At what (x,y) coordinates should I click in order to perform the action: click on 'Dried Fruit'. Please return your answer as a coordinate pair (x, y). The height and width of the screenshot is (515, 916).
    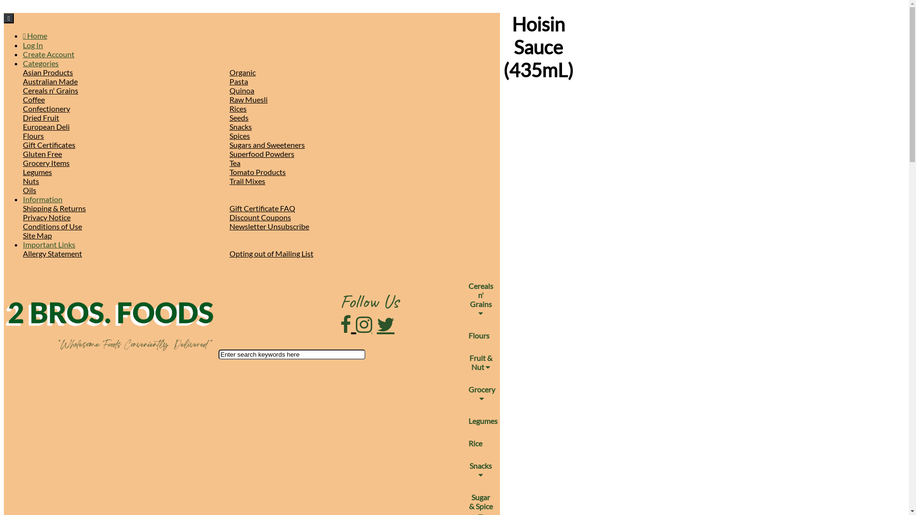
    Looking at the image, I should click on (41, 117).